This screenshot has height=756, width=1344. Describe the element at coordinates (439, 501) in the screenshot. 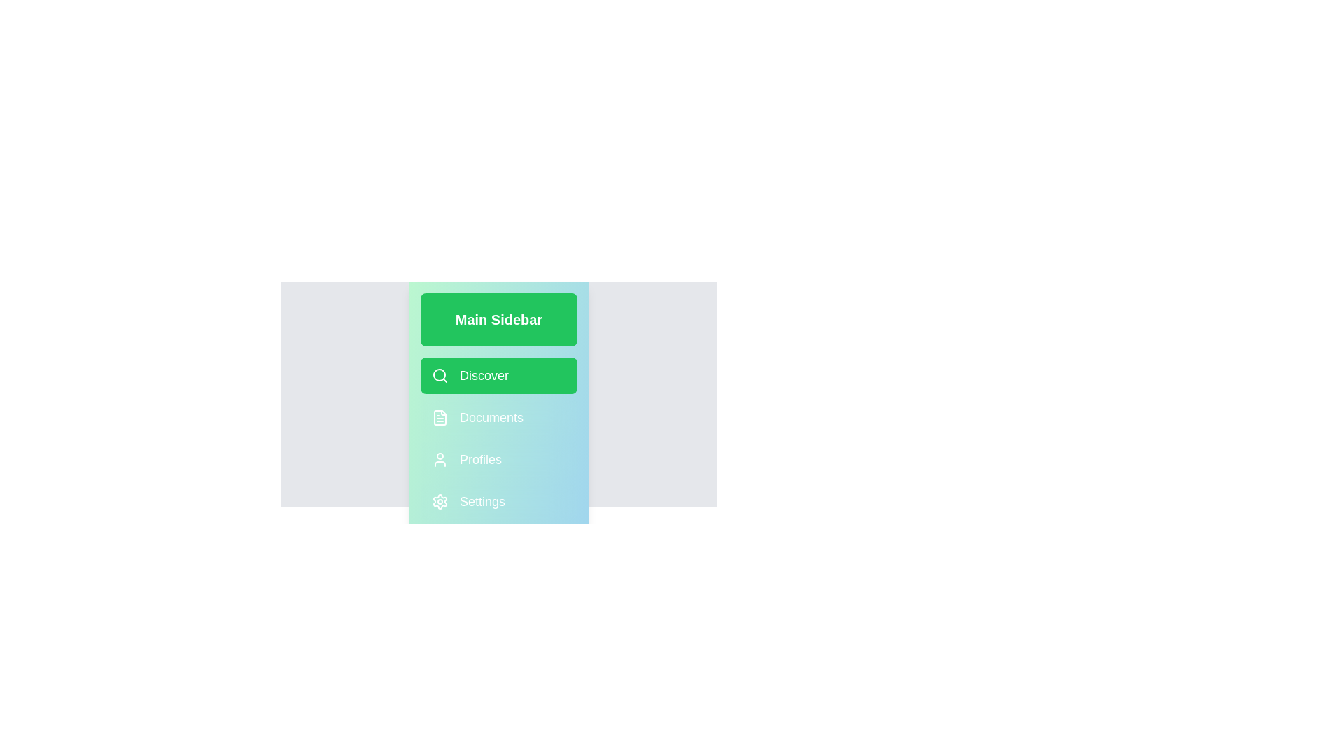

I see `the gear icon representing settings located in the lower part of the sidebar interface` at that location.